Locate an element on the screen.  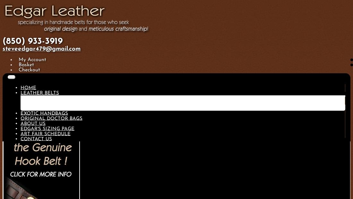
'About Us' is located at coordinates (33, 123).